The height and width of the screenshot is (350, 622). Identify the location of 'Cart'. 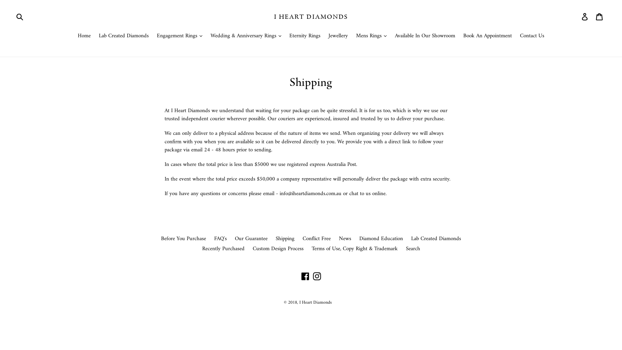
(599, 16).